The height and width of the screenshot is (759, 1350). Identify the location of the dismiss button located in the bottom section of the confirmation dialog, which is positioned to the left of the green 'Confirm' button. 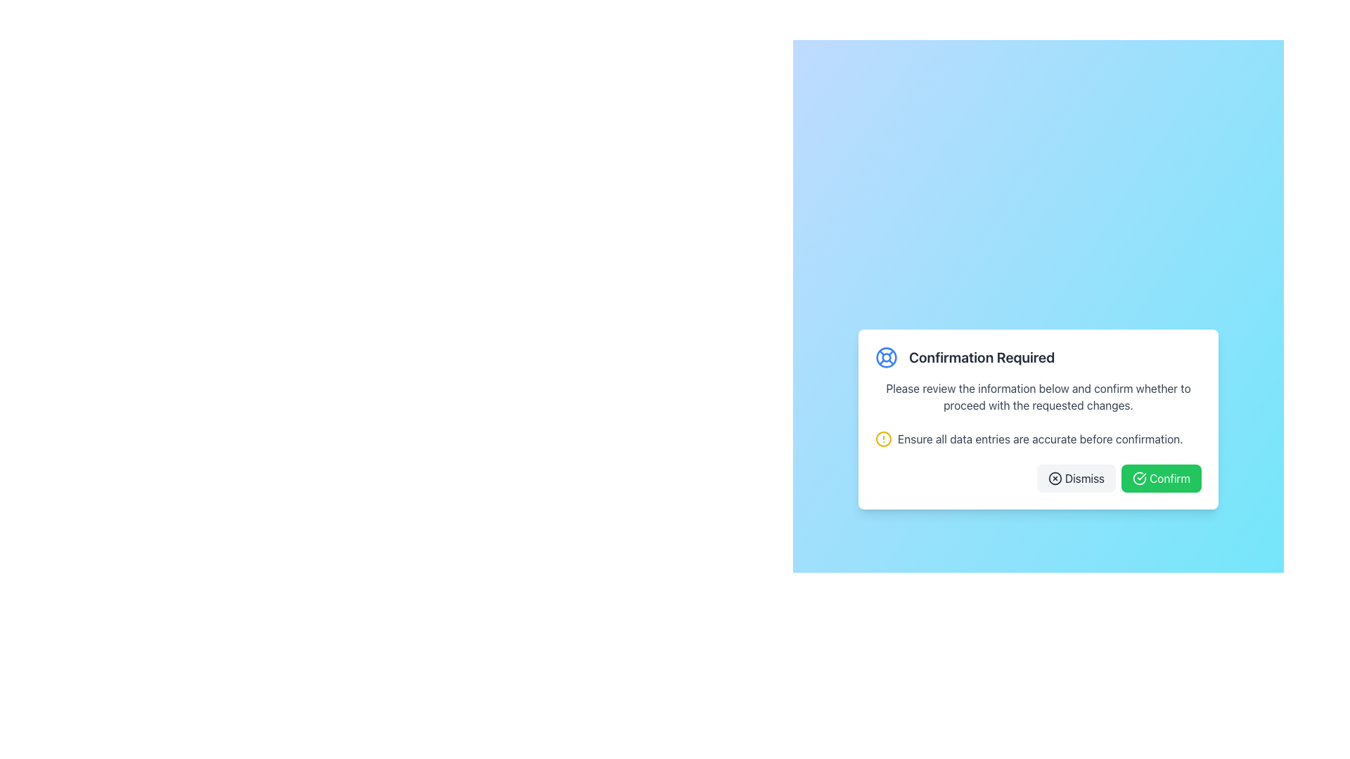
(1075, 478).